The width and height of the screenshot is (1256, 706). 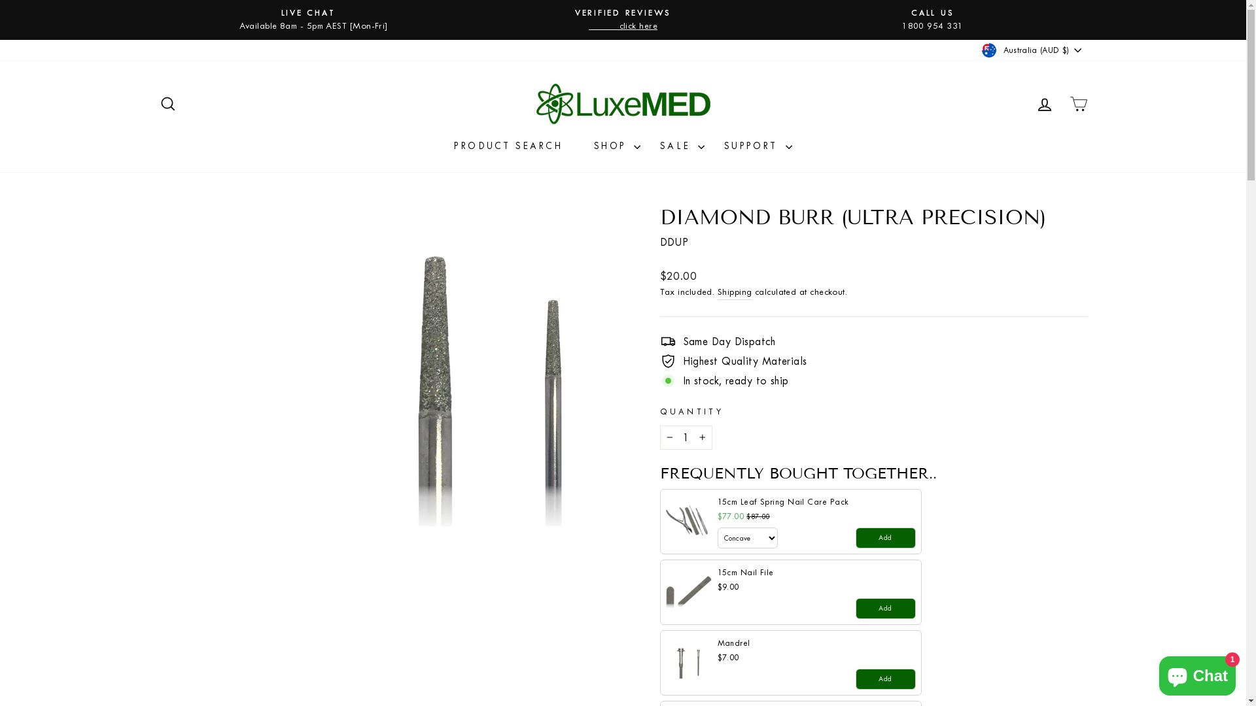 What do you see at coordinates (1032, 50) in the screenshot?
I see `'Australia (AUD $)'` at bounding box center [1032, 50].